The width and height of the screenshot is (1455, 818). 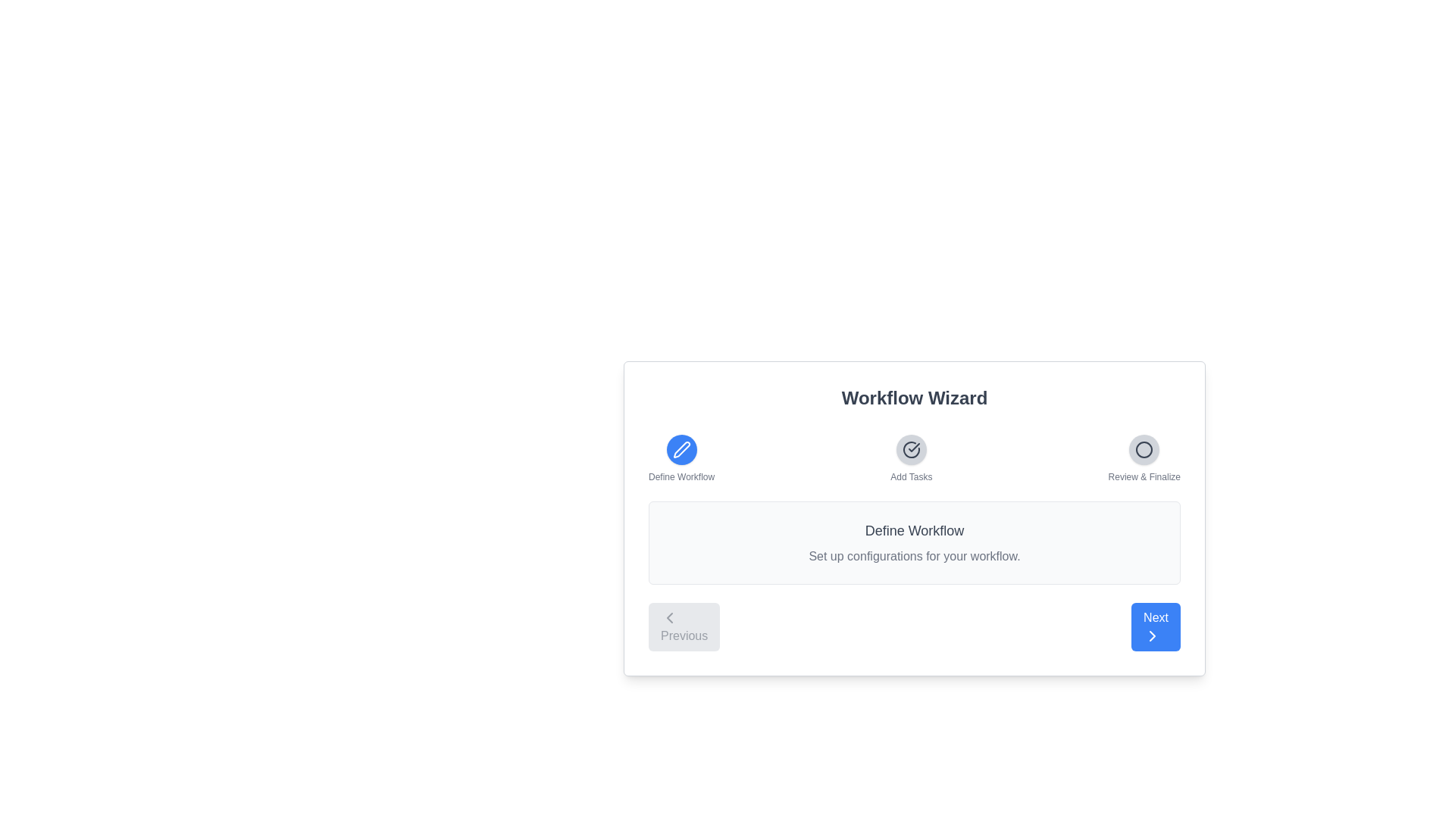 I want to click on the 'Review & Finalize' text label, which is styled in gray and positioned beneath a circular icon in the top center section of the interface, so click(x=1144, y=476).